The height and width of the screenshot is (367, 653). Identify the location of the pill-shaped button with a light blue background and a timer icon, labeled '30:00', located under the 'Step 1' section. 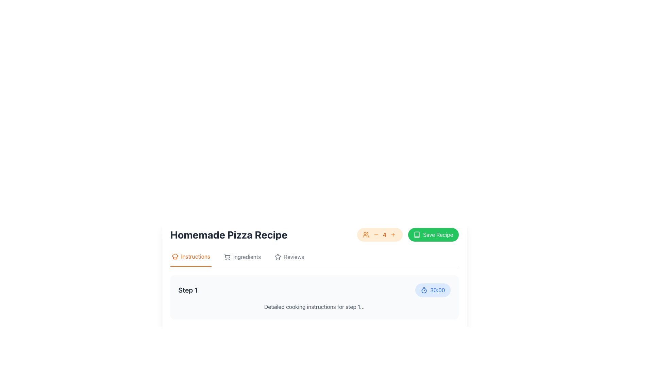
(432, 290).